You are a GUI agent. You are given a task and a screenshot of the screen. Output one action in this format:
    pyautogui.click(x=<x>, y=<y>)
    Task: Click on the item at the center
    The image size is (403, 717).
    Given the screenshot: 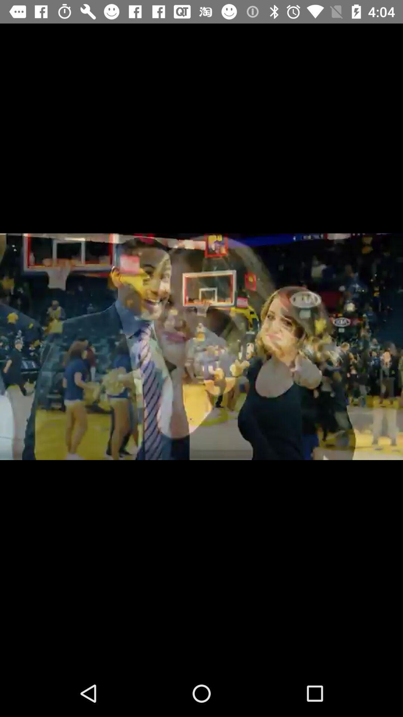 What is the action you would take?
    pyautogui.click(x=201, y=346)
    